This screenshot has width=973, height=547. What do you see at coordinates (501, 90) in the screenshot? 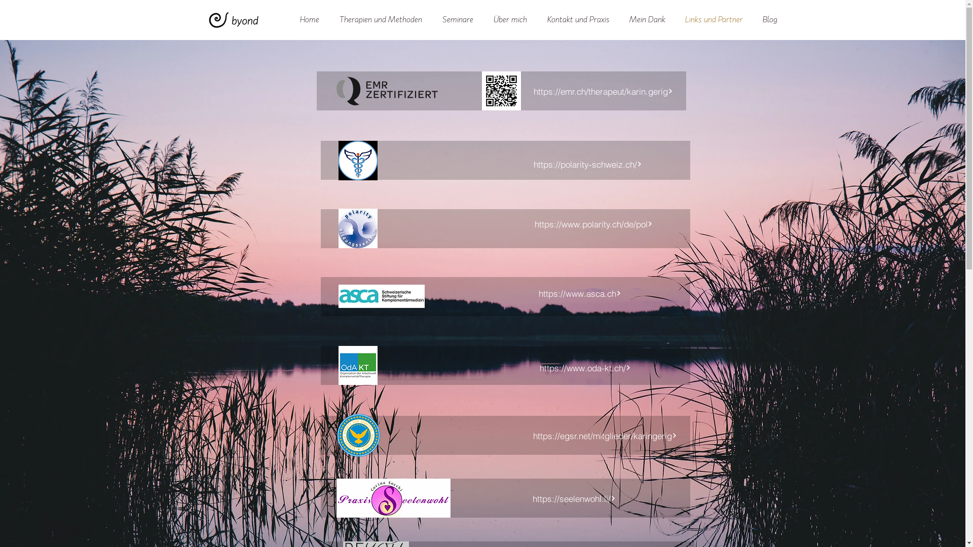
I see `'qr-code.png'` at bounding box center [501, 90].